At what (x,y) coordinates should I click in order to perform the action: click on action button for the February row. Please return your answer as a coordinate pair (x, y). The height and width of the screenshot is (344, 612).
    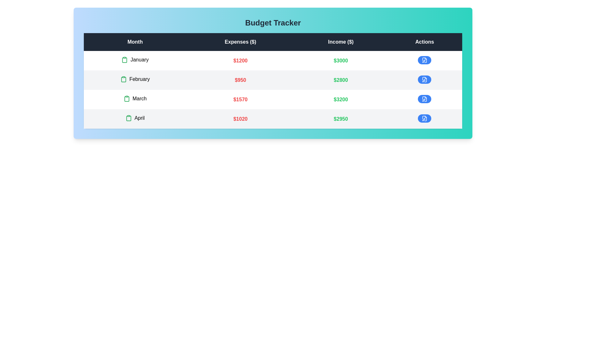
    Looking at the image, I should click on (424, 79).